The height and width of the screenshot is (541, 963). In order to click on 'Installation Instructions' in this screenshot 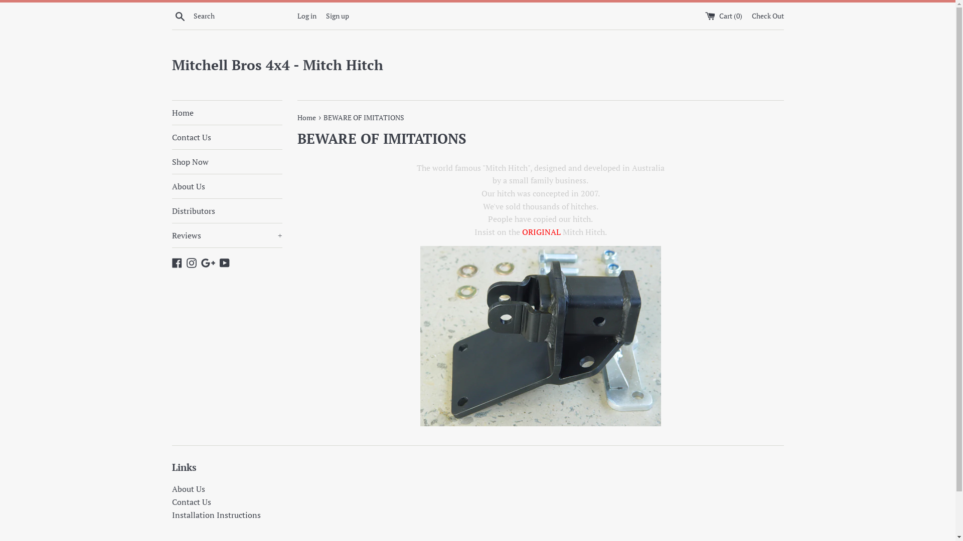, I will do `click(215, 515)`.